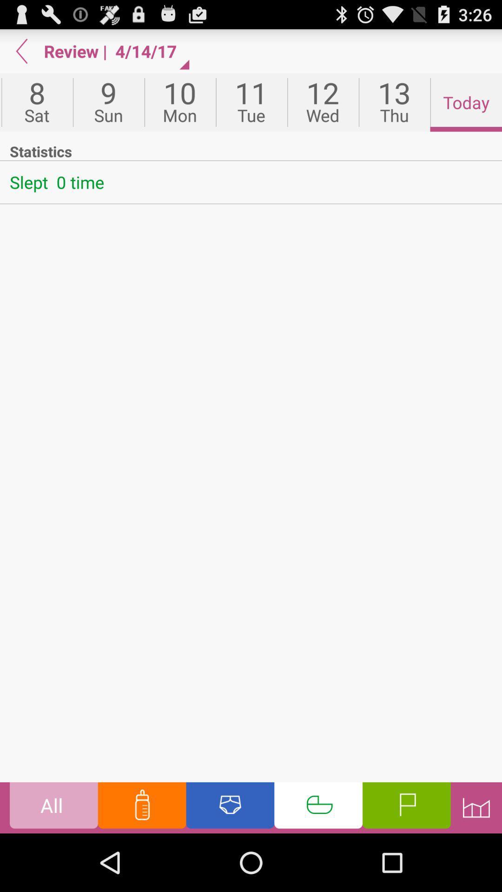 This screenshot has width=502, height=892. What do you see at coordinates (318, 807) in the screenshot?
I see `sleep statistics` at bounding box center [318, 807].